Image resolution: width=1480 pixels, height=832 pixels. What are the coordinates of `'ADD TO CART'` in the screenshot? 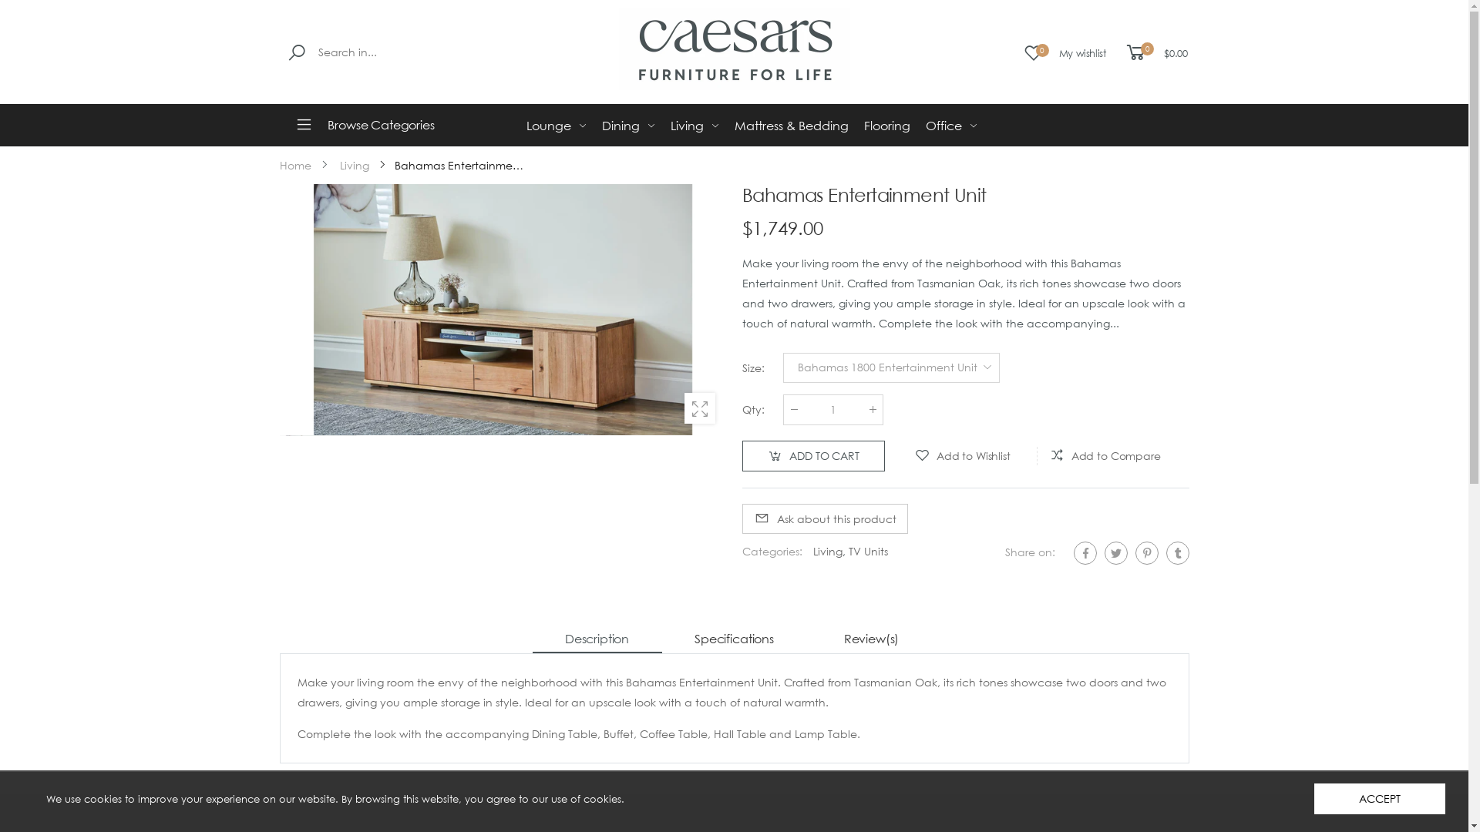 It's located at (812, 455).